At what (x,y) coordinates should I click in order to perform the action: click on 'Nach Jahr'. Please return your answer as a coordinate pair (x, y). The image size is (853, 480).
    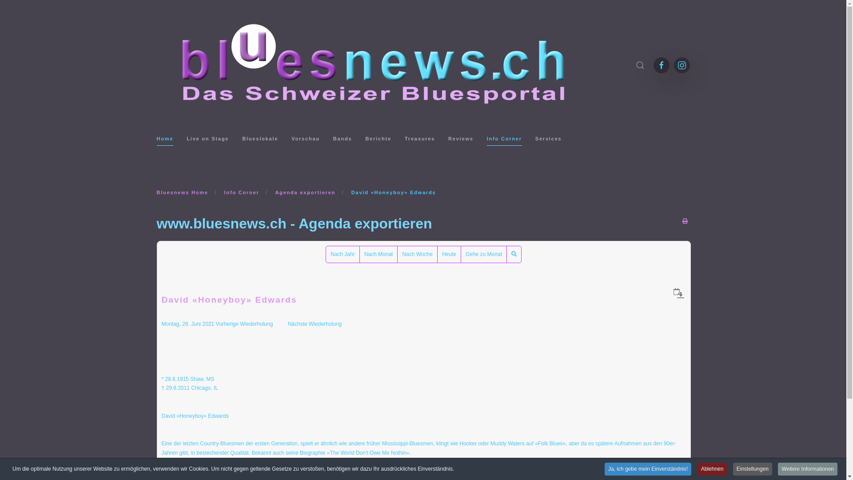
    Looking at the image, I should click on (342, 254).